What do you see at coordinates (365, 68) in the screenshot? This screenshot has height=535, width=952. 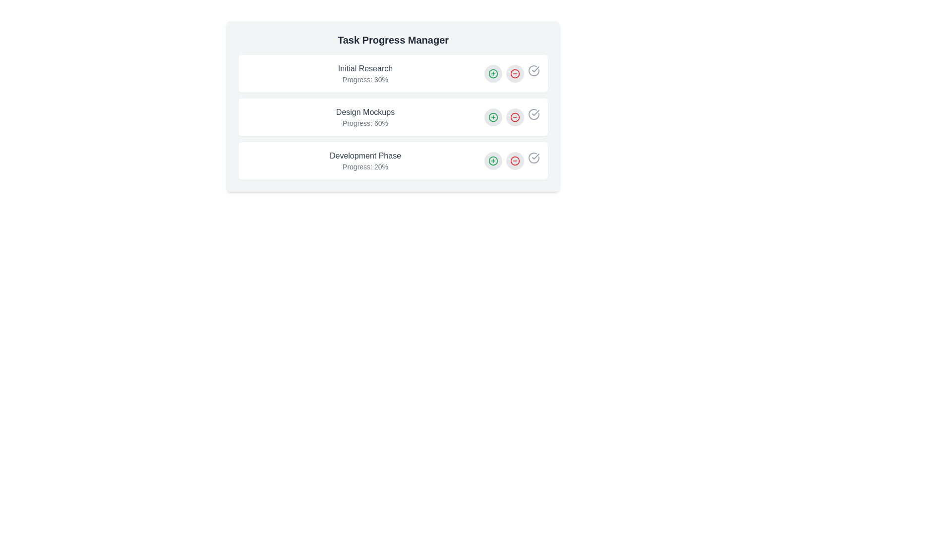 I see `the static text label displaying the title 'Initial Research'` at bounding box center [365, 68].